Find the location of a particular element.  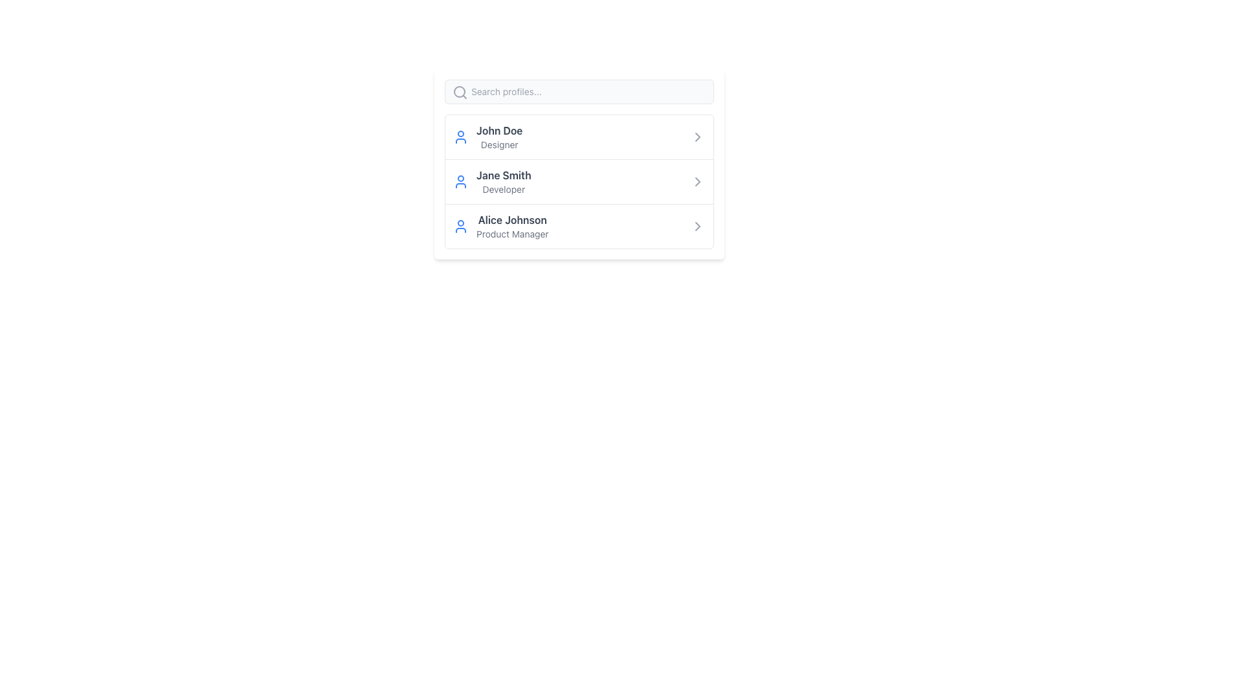

text element displaying the name 'Alice Johnson' which is the upper text component in the user profile list is located at coordinates (511, 219).